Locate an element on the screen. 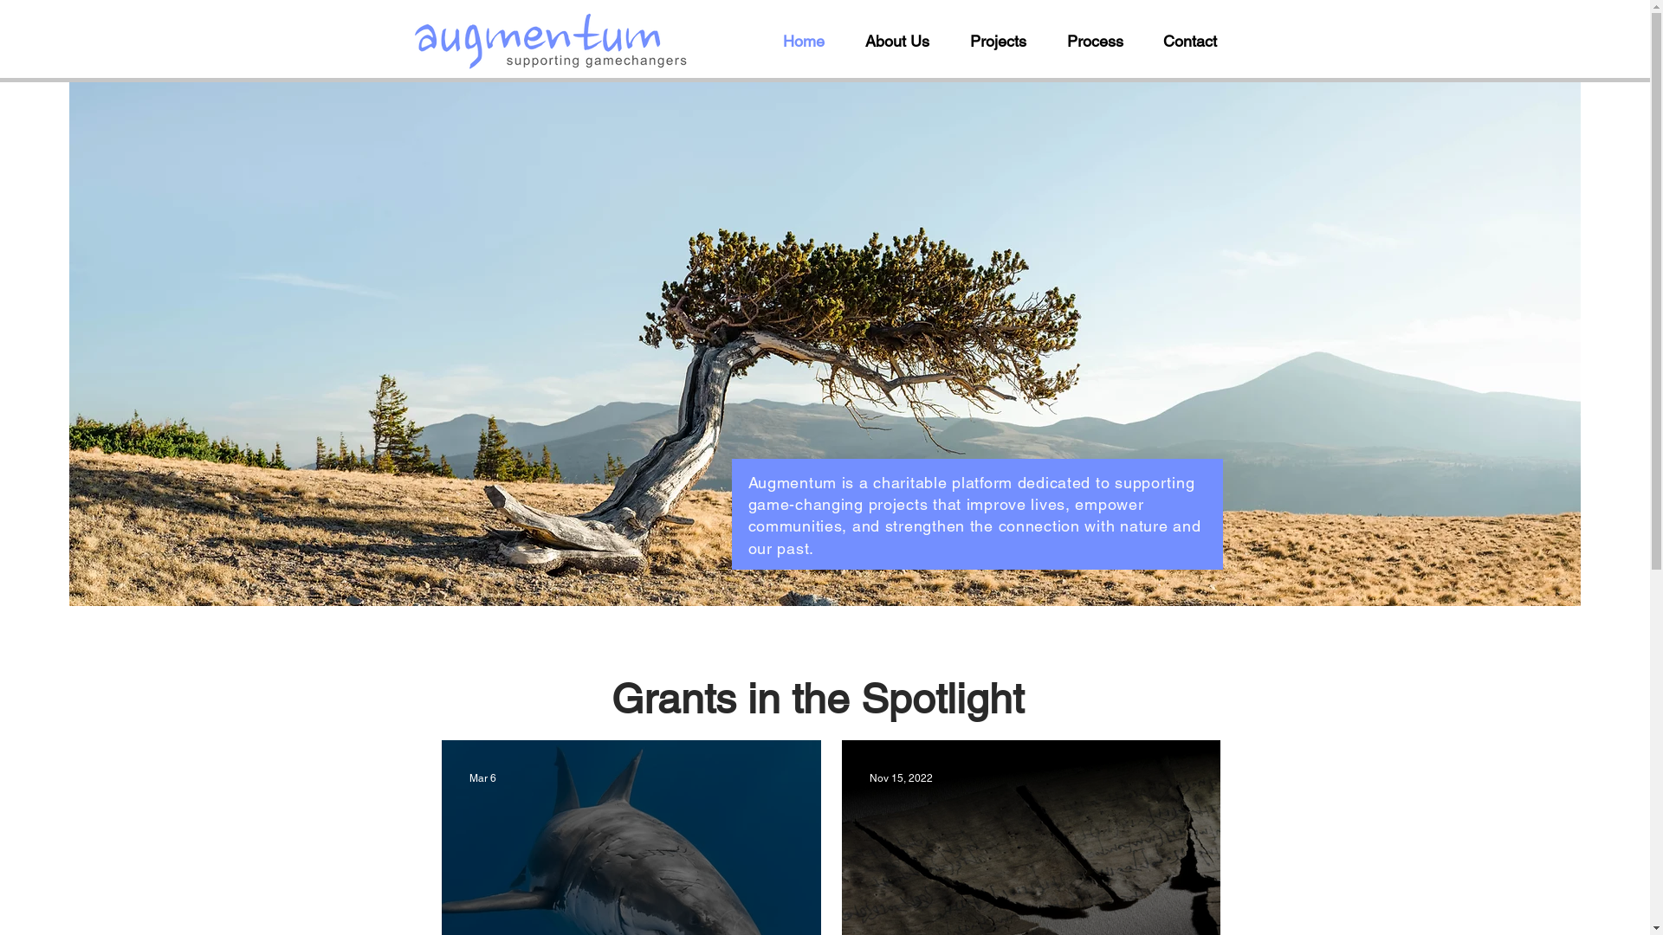 The width and height of the screenshot is (1663, 935). 'Home' is located at coordinates (809, 40).